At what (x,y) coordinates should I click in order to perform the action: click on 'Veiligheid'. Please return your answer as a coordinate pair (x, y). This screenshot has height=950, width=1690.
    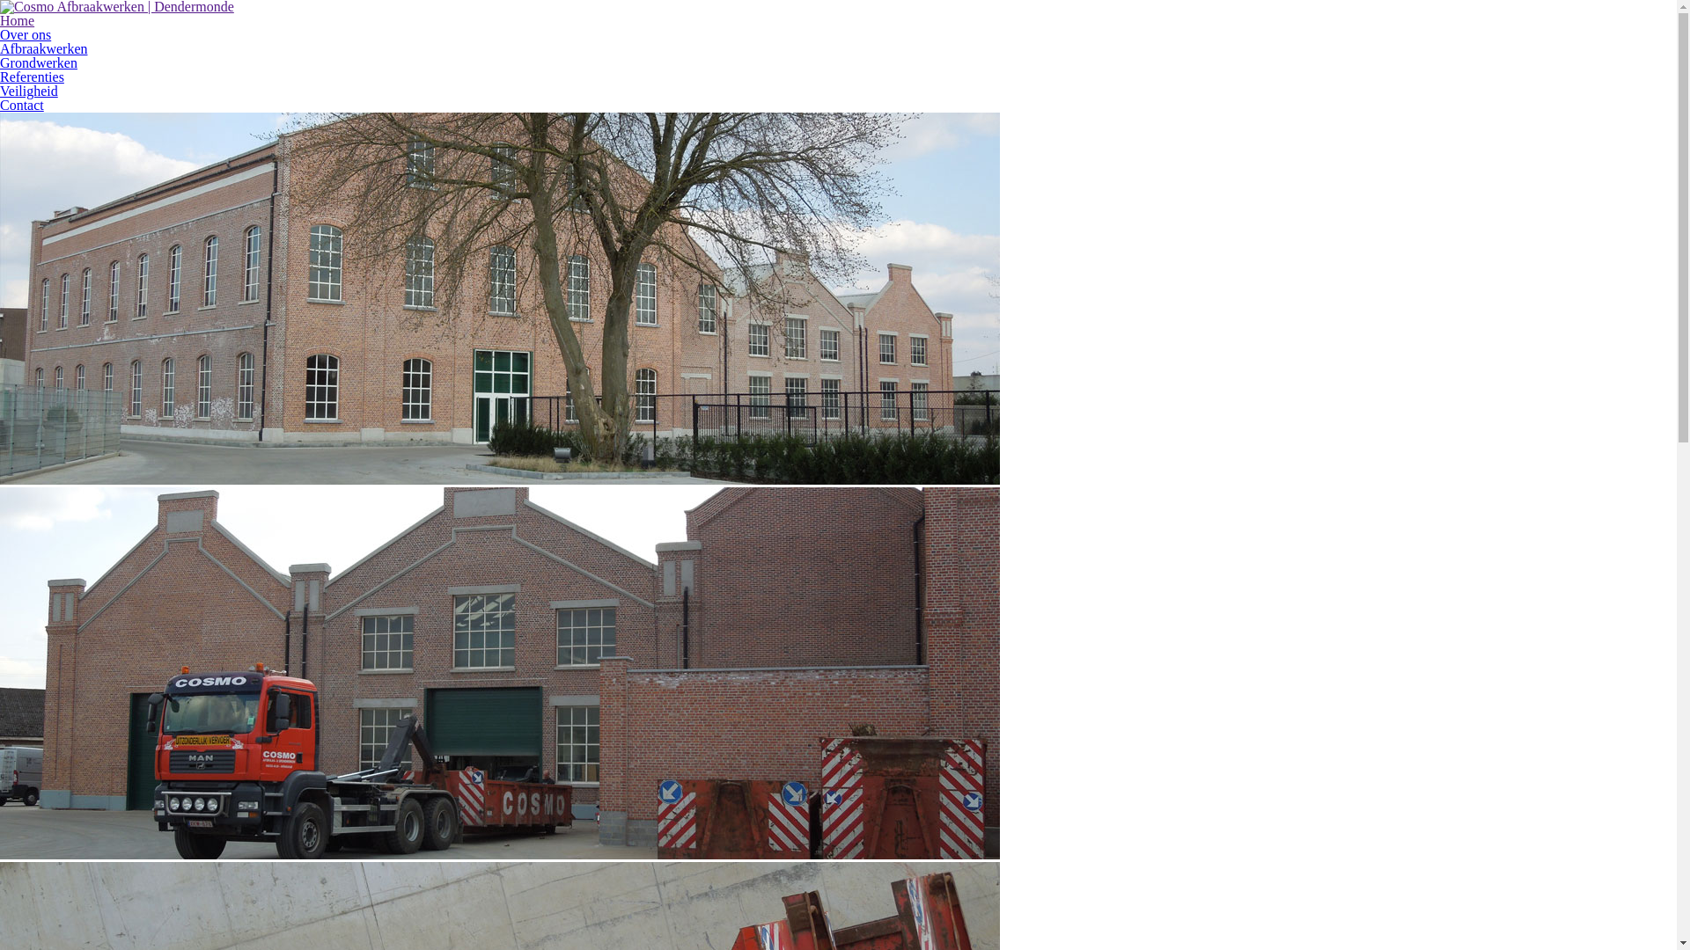
    Looking at the image, I should click on (29, 91).